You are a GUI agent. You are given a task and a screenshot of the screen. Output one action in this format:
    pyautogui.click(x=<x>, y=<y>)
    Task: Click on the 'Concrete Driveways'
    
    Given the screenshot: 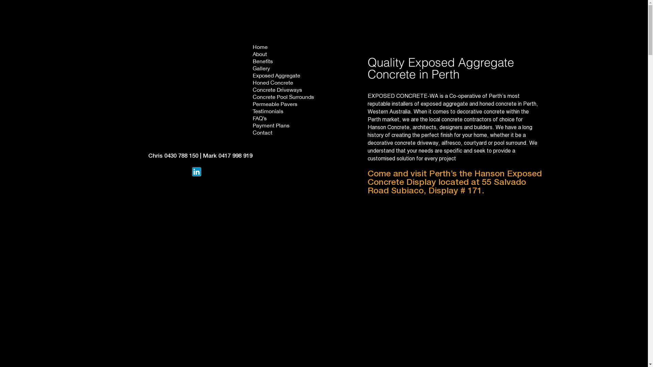 What is the action you would take?
    pyautogui.click(x=283, y=90)
    